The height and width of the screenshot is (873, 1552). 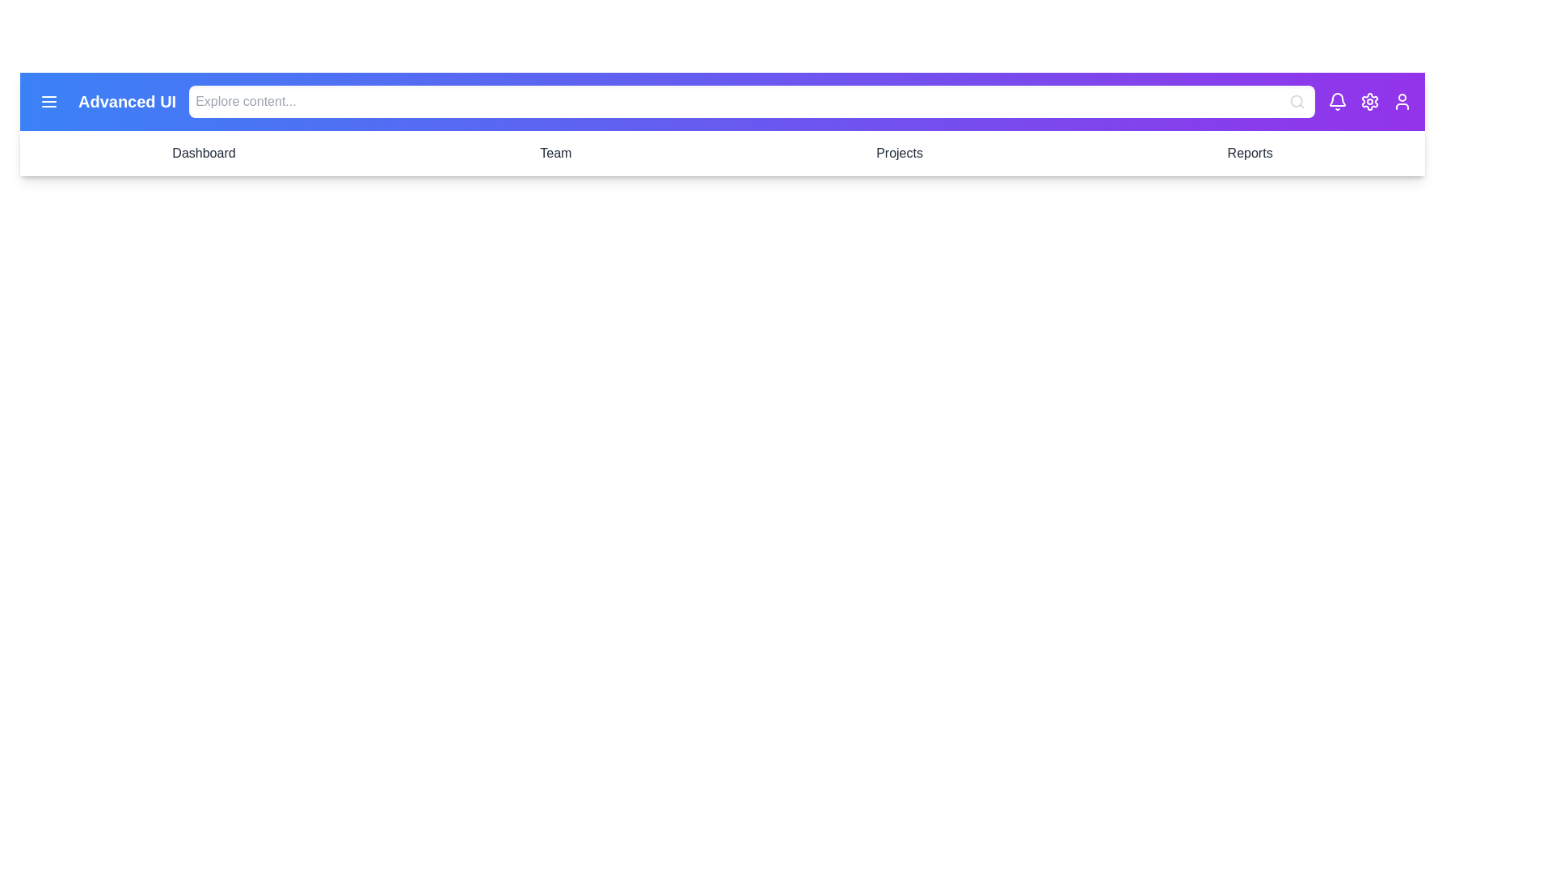 I want to click on the user icon to open the user profile or options menu, so click(x=1401, y=102).